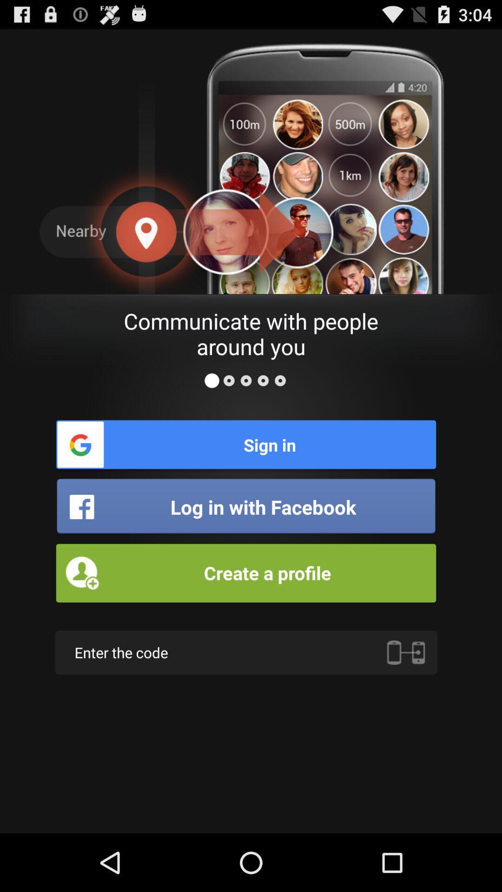 The width and height of the screenshot is (502, 892). I want to click on sign in, so click(245, 444).